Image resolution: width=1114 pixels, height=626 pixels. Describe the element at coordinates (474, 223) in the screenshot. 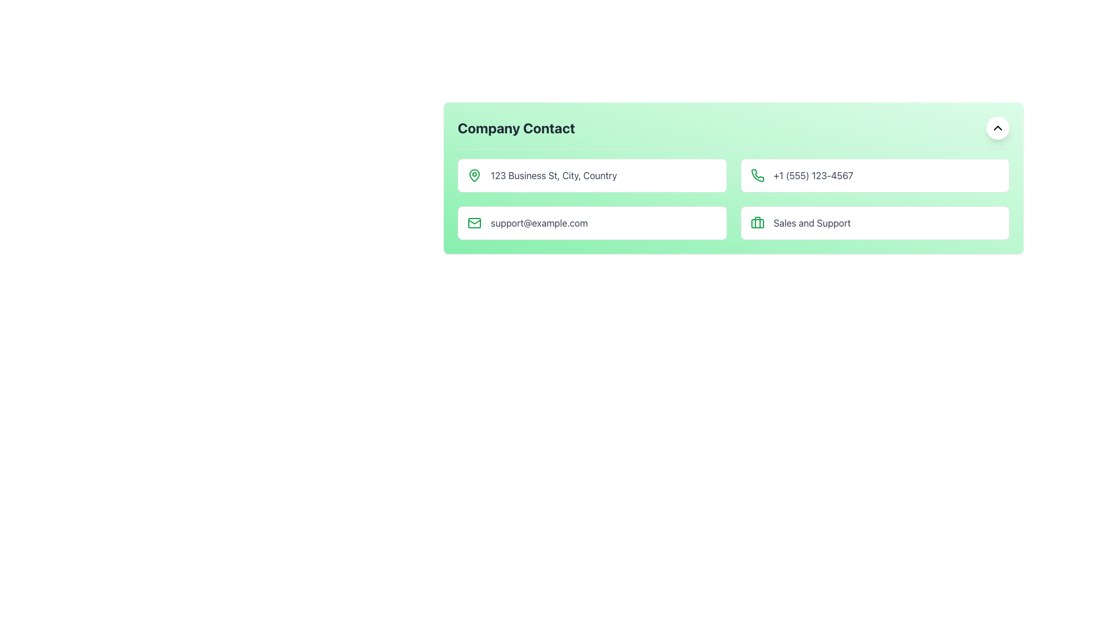

I see `the green rectangular icon within the envelope SVG graphic located near the email text 'support@example.com' in the contact information panel` at that location.